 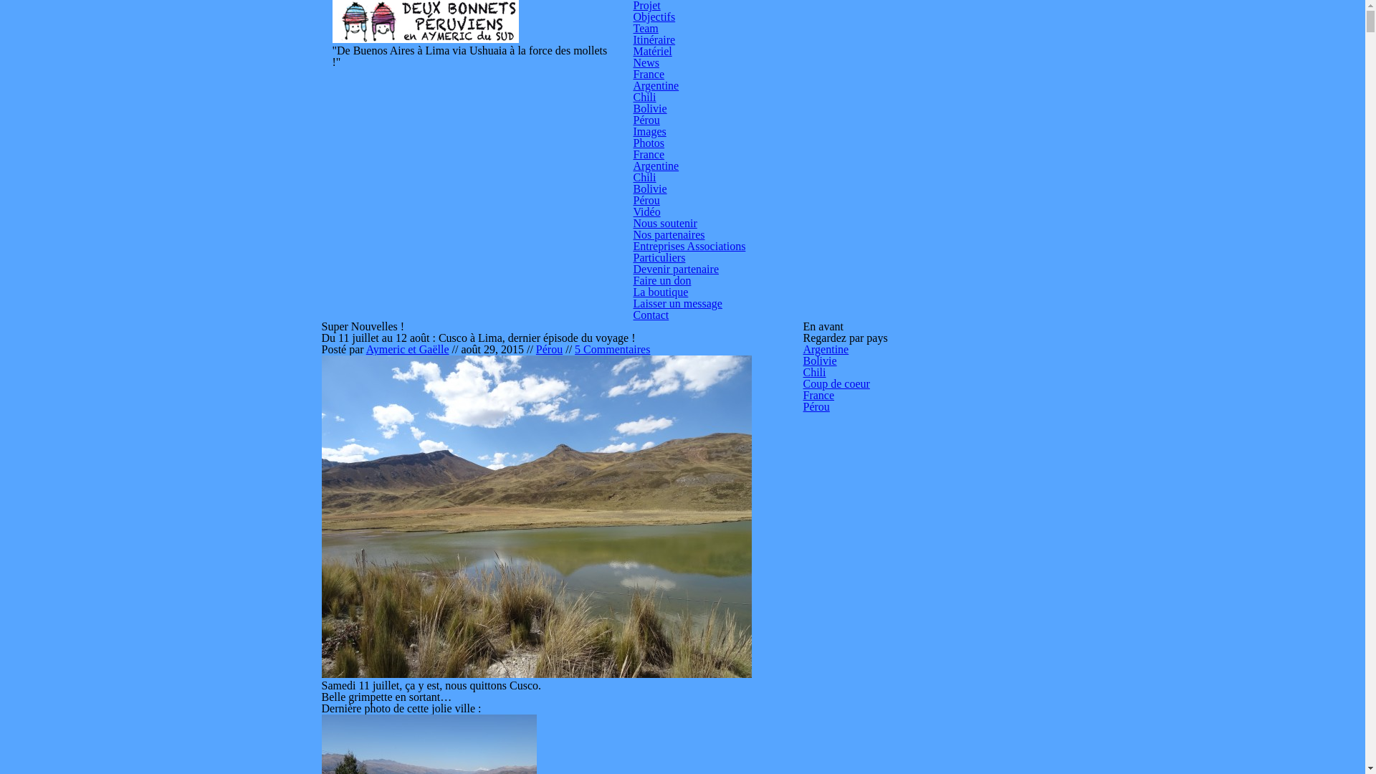 I want to click on 'Team', so click(x=645, y=28).